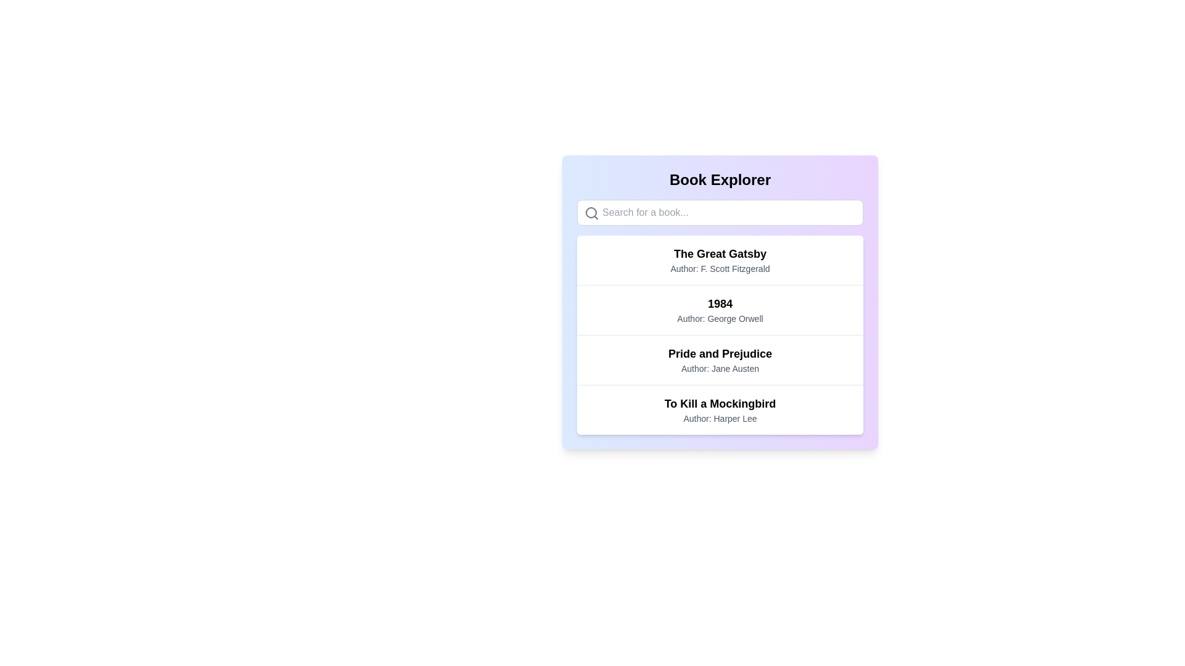  Describe the element at coordinates (720, 335) in the screenshot. I see `the second list item in the 'Book Explorer' card` at that location.